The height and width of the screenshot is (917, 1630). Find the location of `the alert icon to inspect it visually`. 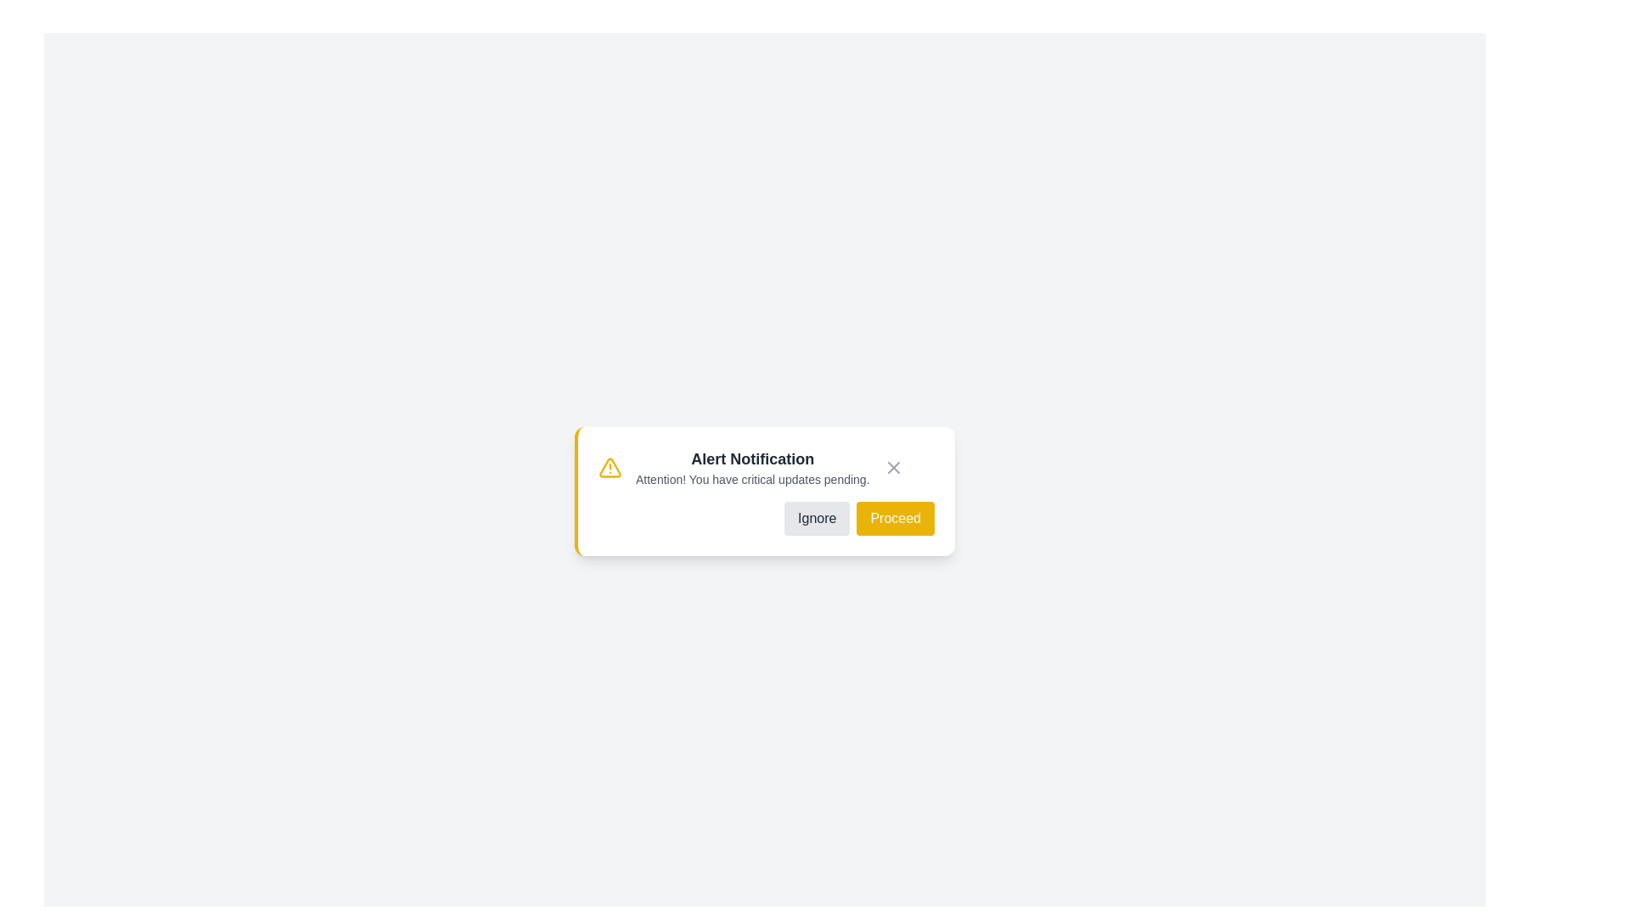

the alert icon to inspect it visually is located at coordinates (610, 468).